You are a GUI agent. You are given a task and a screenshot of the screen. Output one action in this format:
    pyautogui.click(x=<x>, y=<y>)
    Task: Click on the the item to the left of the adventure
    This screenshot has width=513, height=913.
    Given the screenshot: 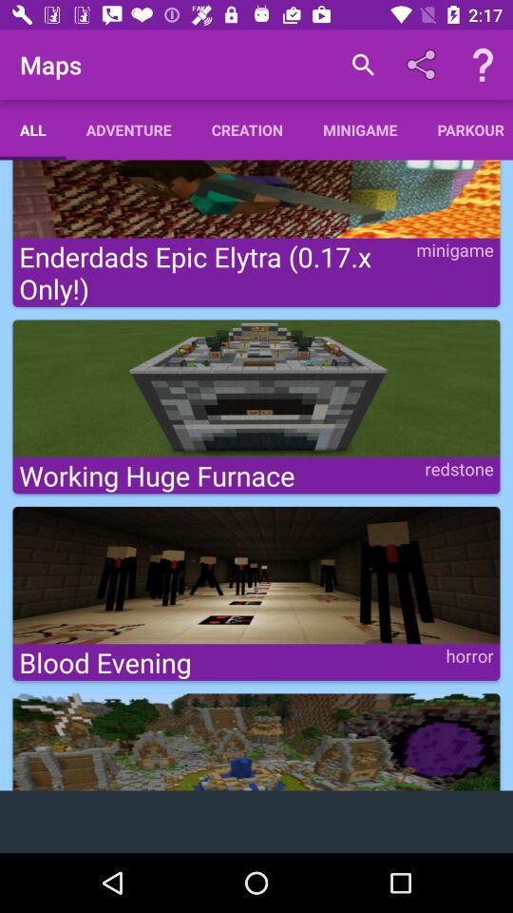 What is the action you would take?
    pyautogui.click(x=31, y=128)
    